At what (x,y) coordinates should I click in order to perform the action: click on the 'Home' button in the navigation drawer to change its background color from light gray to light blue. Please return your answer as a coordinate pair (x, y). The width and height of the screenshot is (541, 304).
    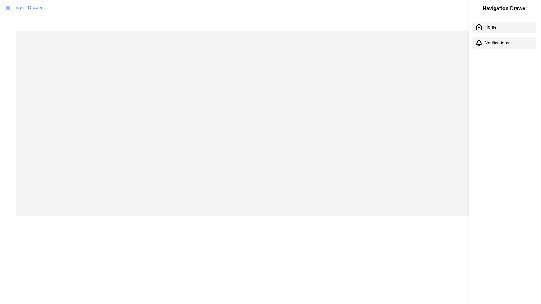
    Looking at the image, I should click on (505, 27).